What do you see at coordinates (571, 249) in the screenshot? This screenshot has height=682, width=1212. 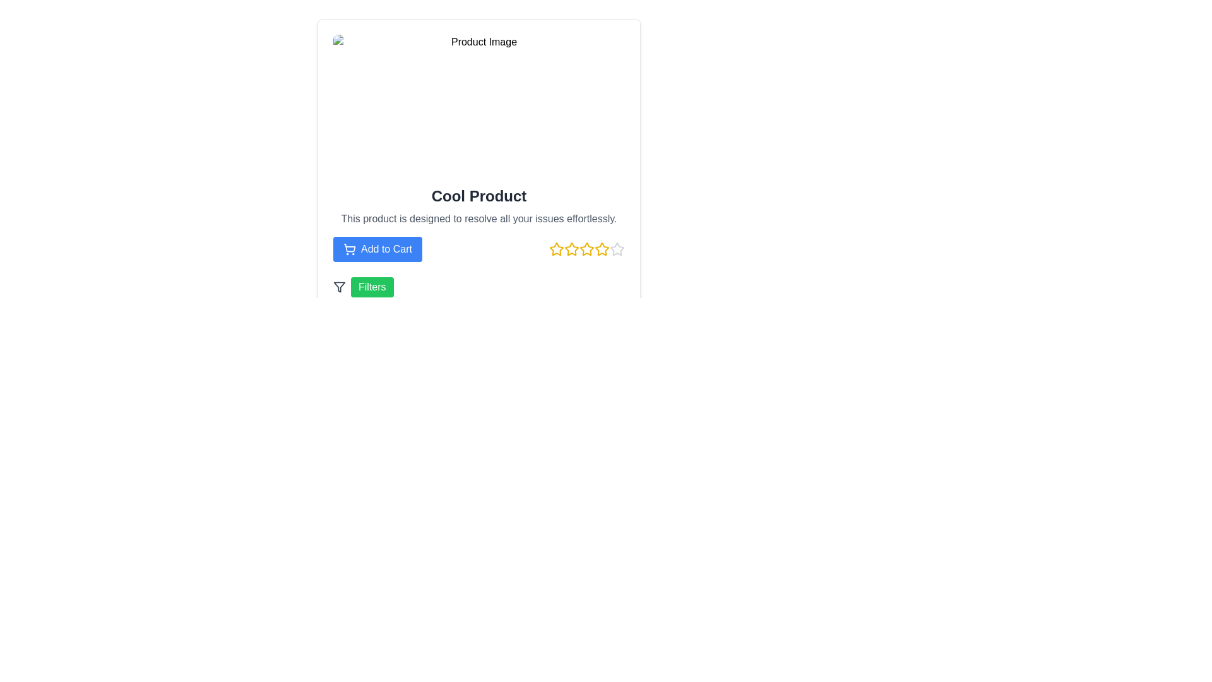 I see `the second star in the horizontal row of five rating stars using keyboard navigation` at bounding box center [571, 249].